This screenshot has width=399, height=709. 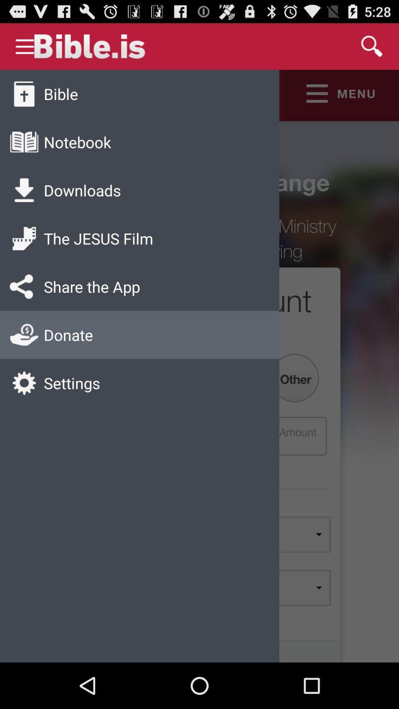 What do you see at coordinates (72, 383) in the screenshot?
I see `icon below the donate icon` at bounding box center [72, 383].